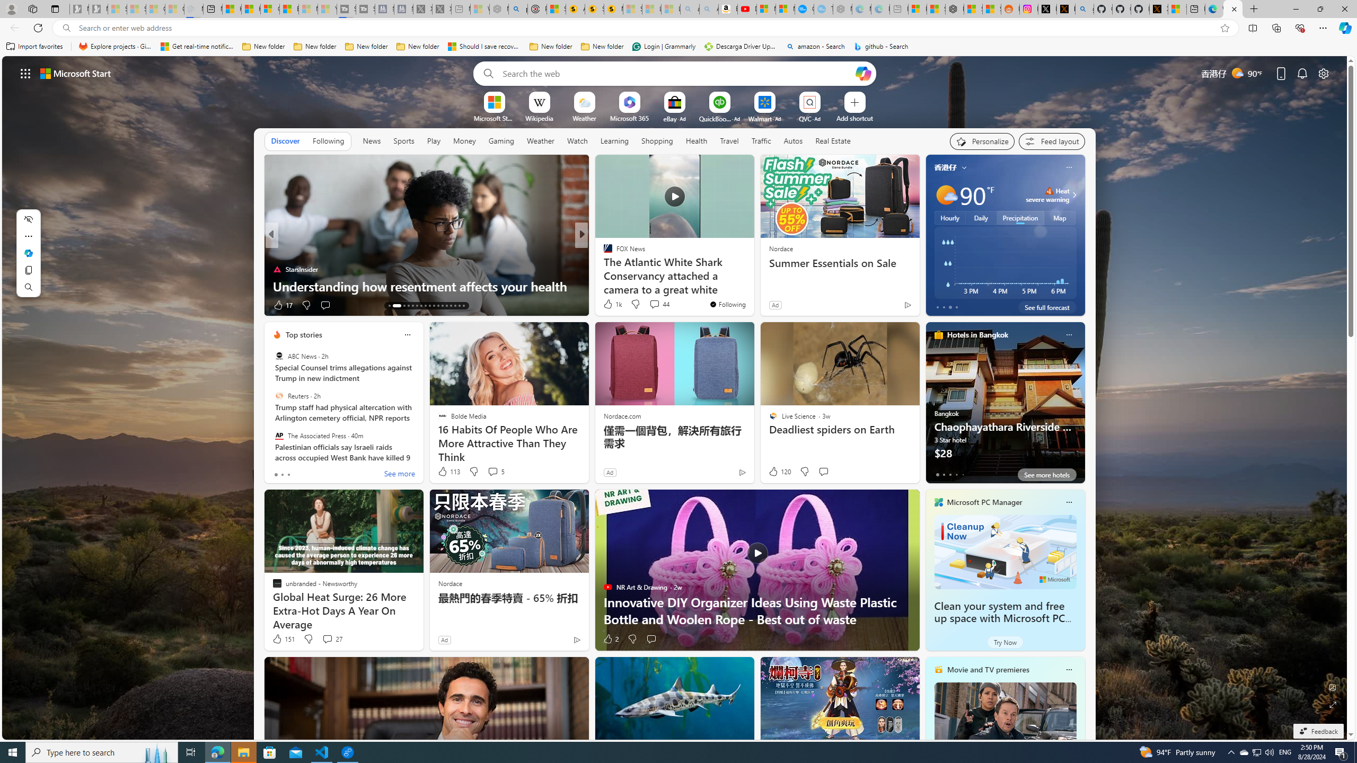 The image size is (1357, 763). I want to click on 'Tribune News Service', so click(603, 251).